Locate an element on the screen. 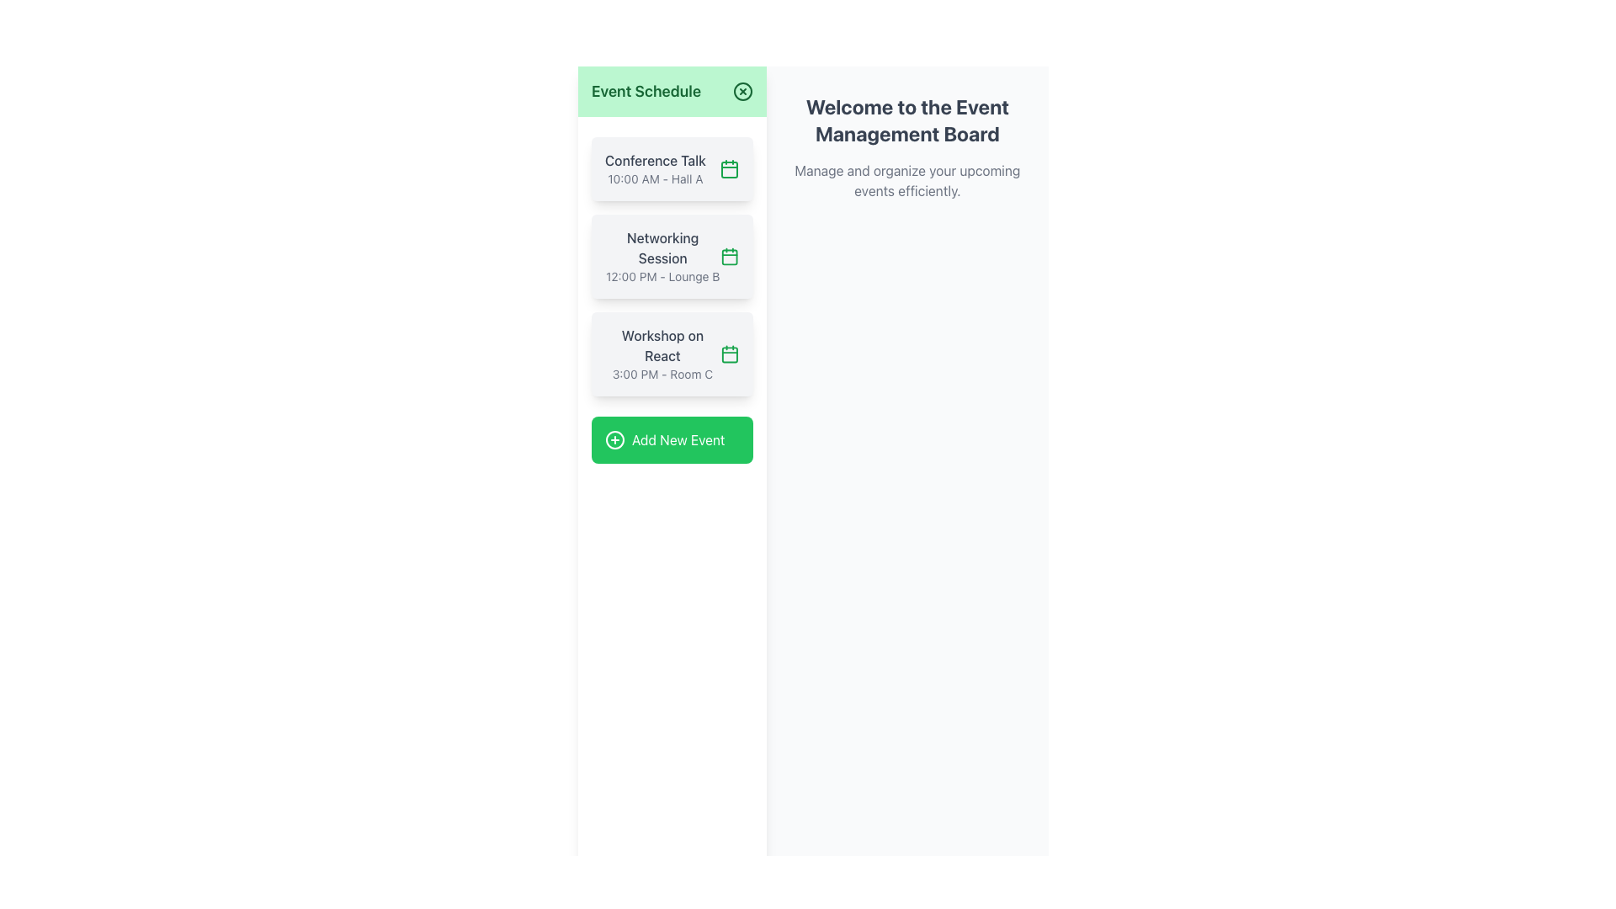 This screenshot has width=1616, height=909. the Text Header element that displays 'Welcome to the Event Management Board', located at the top of the right-hand content area is located at coordinates (906, 119).